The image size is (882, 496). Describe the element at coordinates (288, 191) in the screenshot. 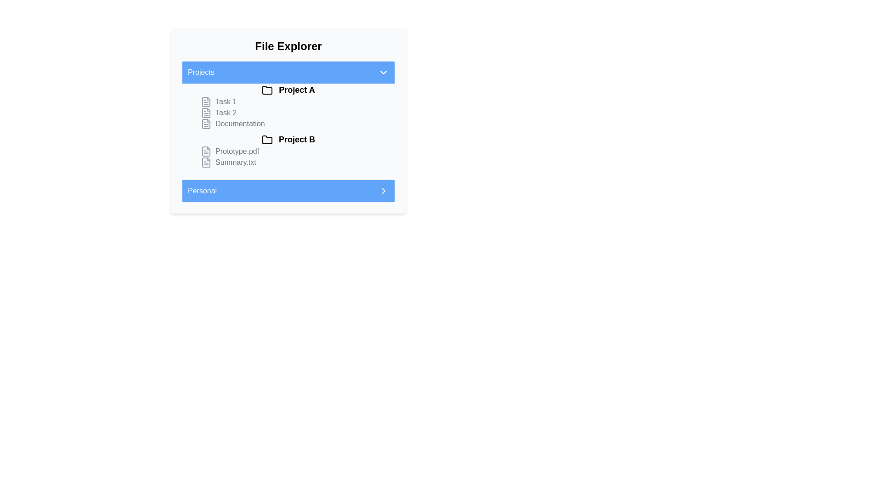

I see `the 'Personal' button with a blue background located at the bottom of the 'Projects' section in the 'File Explorer' interface` at that location.